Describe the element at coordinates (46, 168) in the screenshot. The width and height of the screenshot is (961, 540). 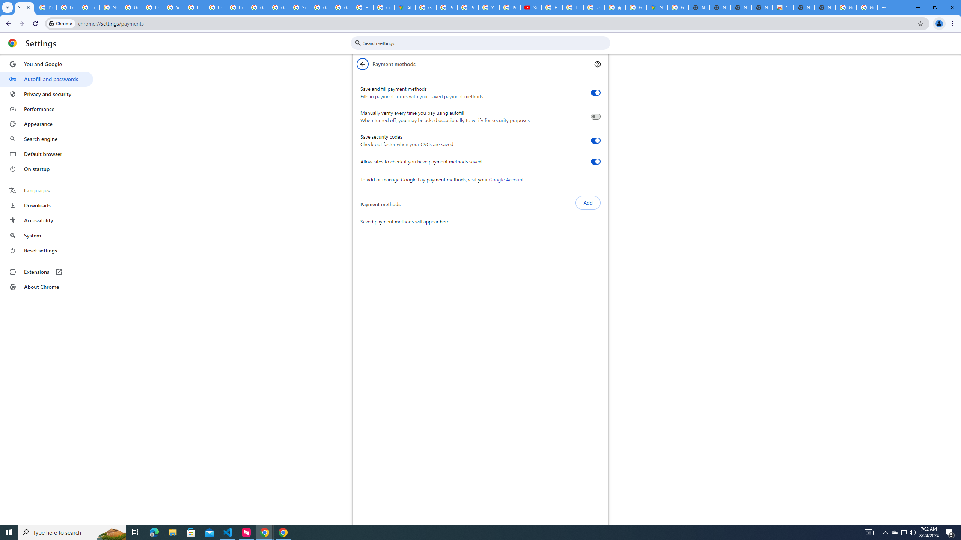
I see `'On startup'` at that location.